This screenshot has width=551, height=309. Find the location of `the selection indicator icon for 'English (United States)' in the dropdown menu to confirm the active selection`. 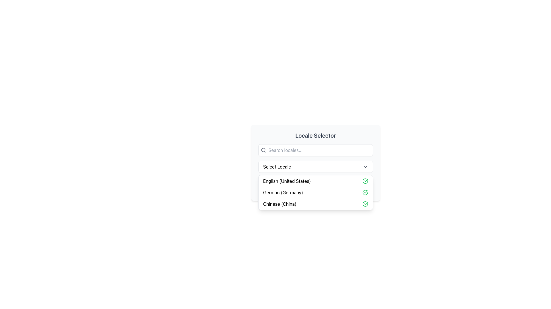

the selection indicator icon for 'English (United States)' in the dropdown menu to confirm the active selection is located at coordinates (365, 181).